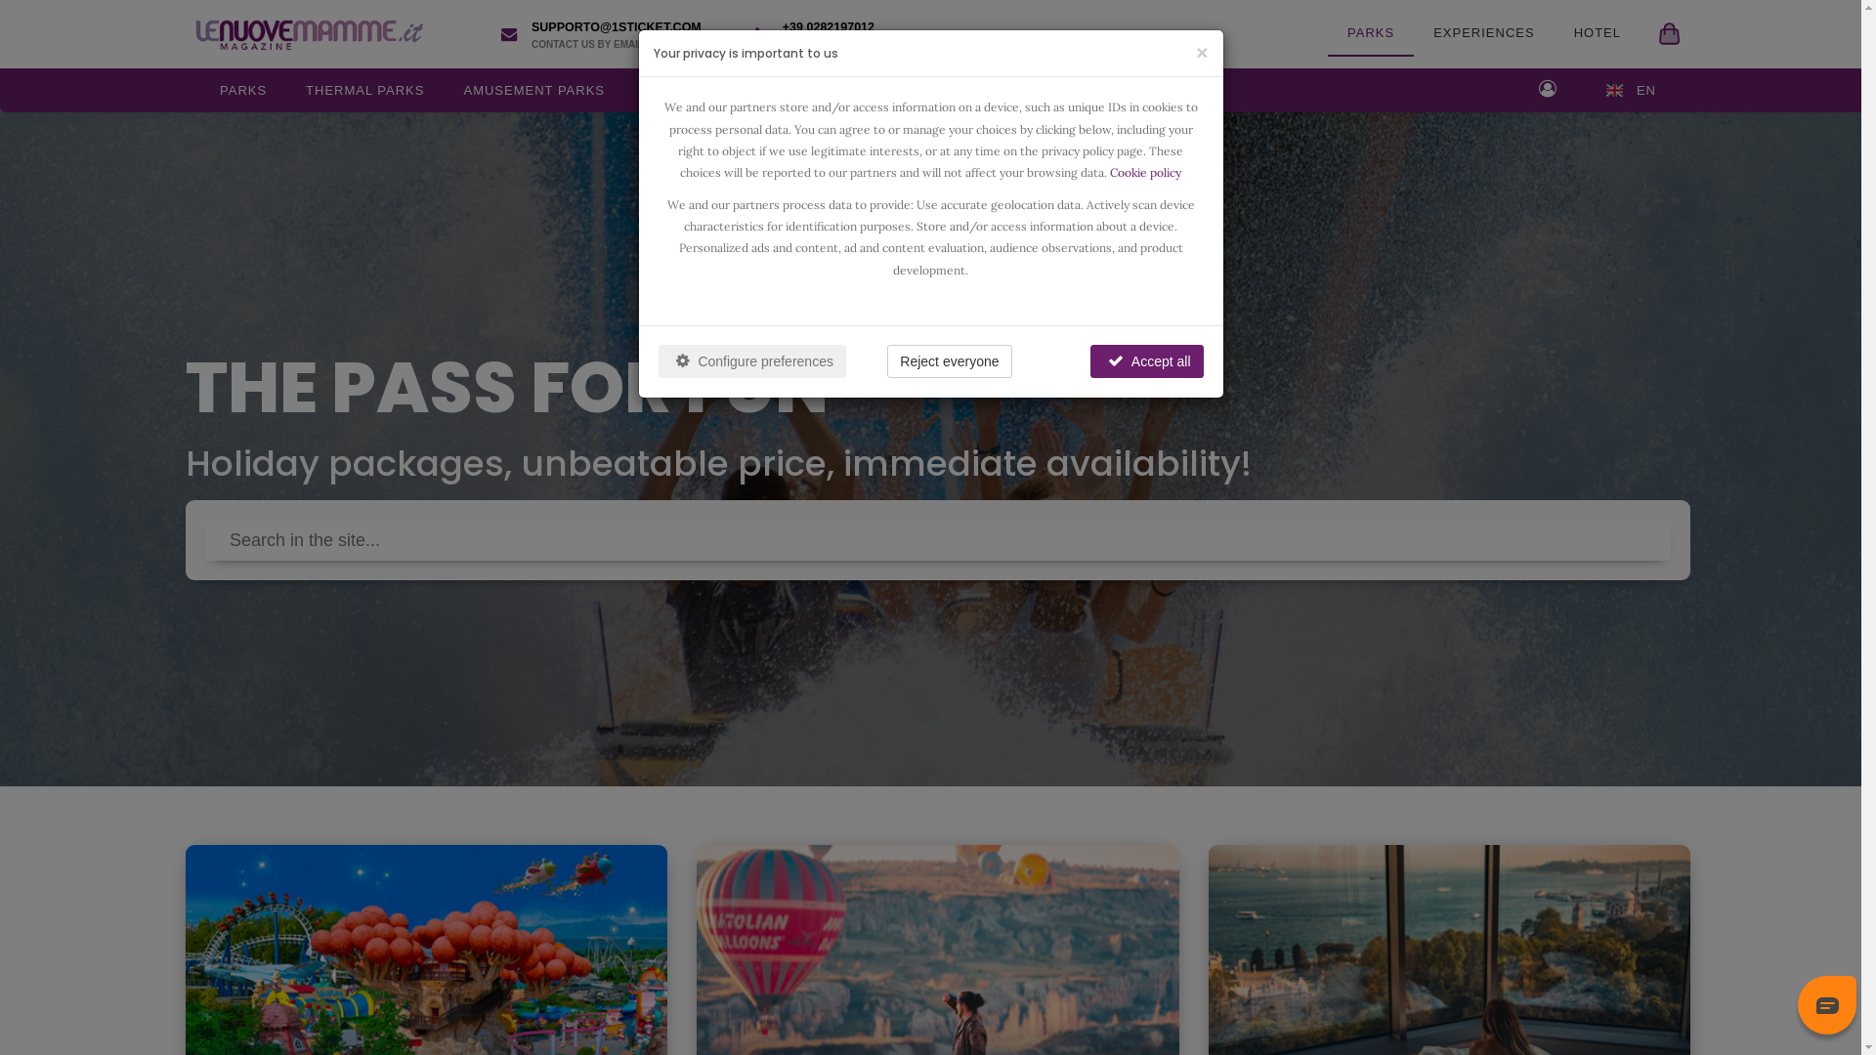 The image size is (1876, 1055). What do you see at coordinates (242, 90) in the screenshot?
I see `'PARKS'` at bounding box center [242, 90].